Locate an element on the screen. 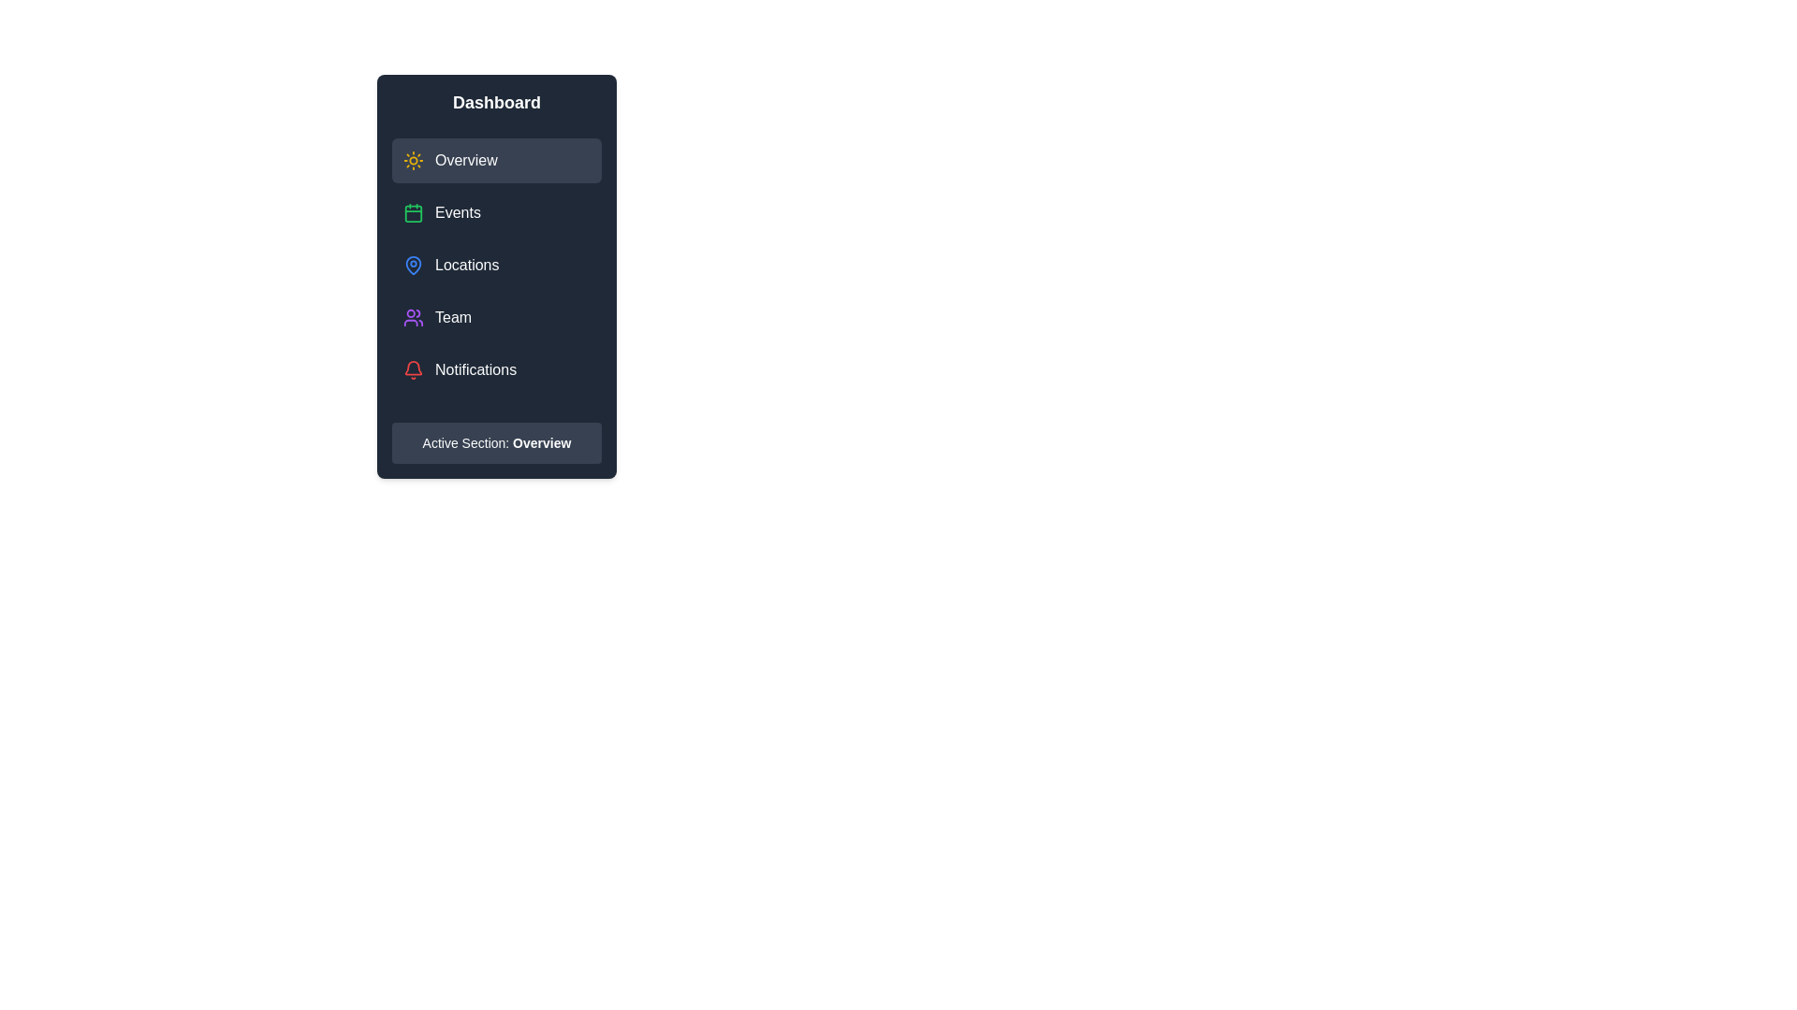 The width and height of the screenshot is (1797, 1010). the menu item Events to navigate to the corresponding section is located at coordinates (497, 211).